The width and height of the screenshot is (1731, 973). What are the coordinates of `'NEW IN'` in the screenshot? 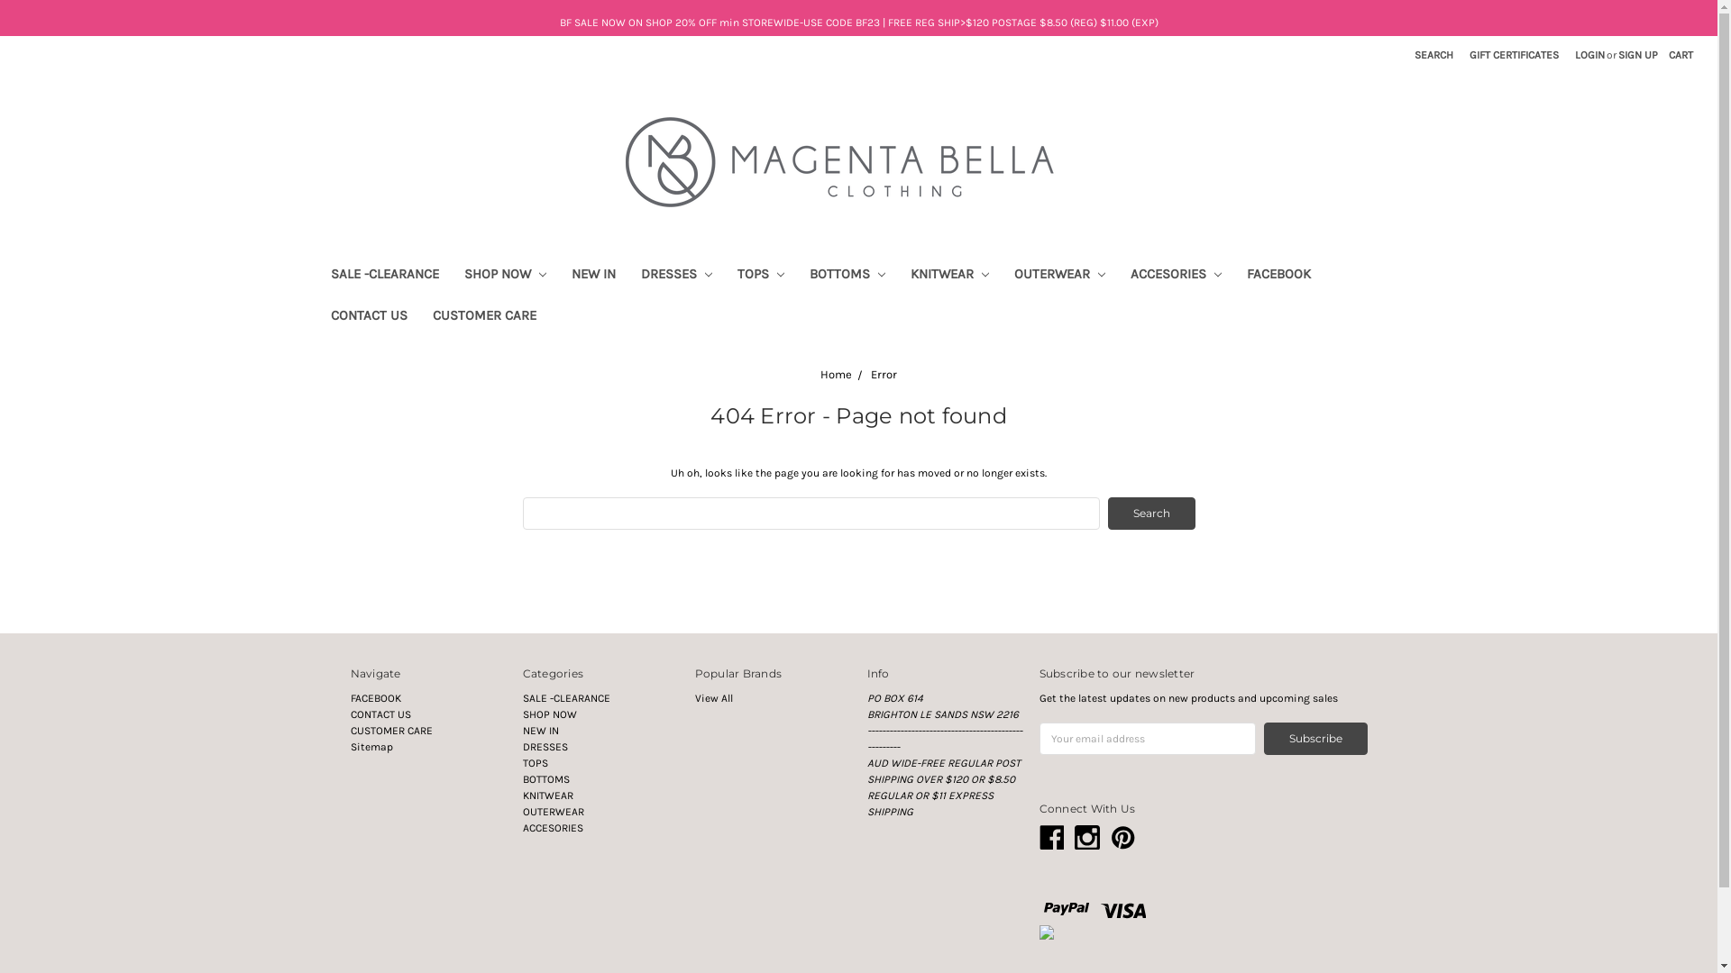 It's located at (593, 277).